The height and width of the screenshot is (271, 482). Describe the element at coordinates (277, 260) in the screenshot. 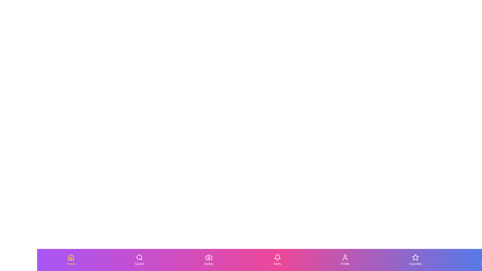

I see `the Alerts tab by clicking on its button` at that location.